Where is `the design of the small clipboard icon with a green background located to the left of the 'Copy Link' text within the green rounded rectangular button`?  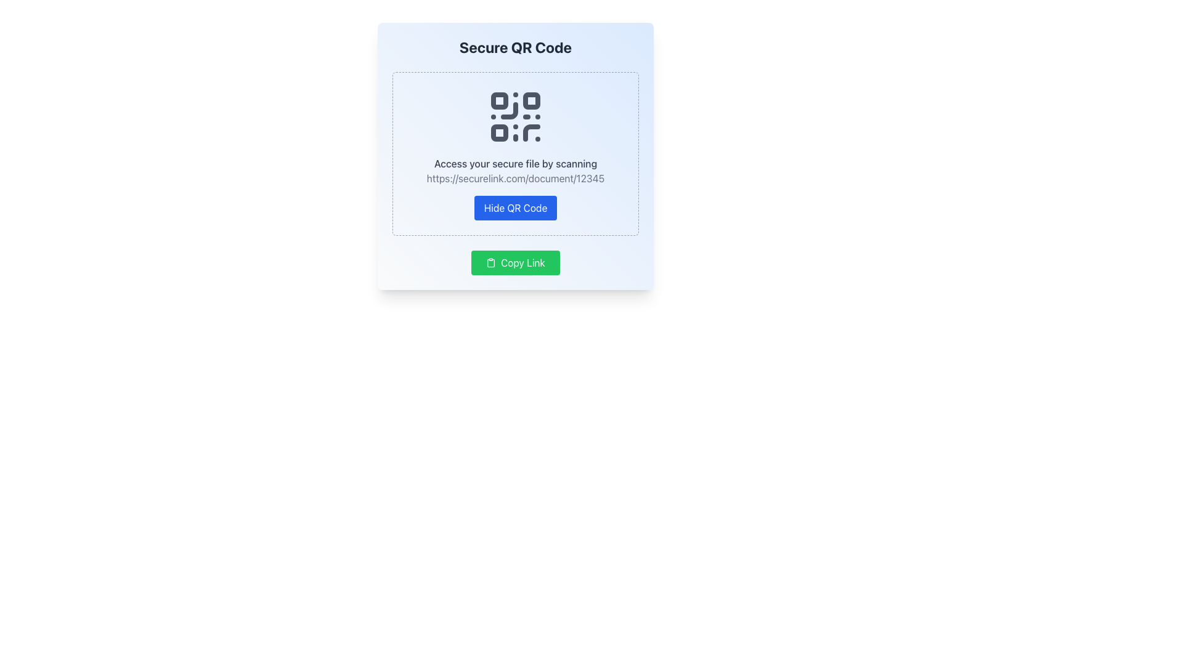 the design of the small clipboard icon with a green background located to the left of the 'Copy Link' text within the green rounded rectangular button is located at coordinates (490, 262).